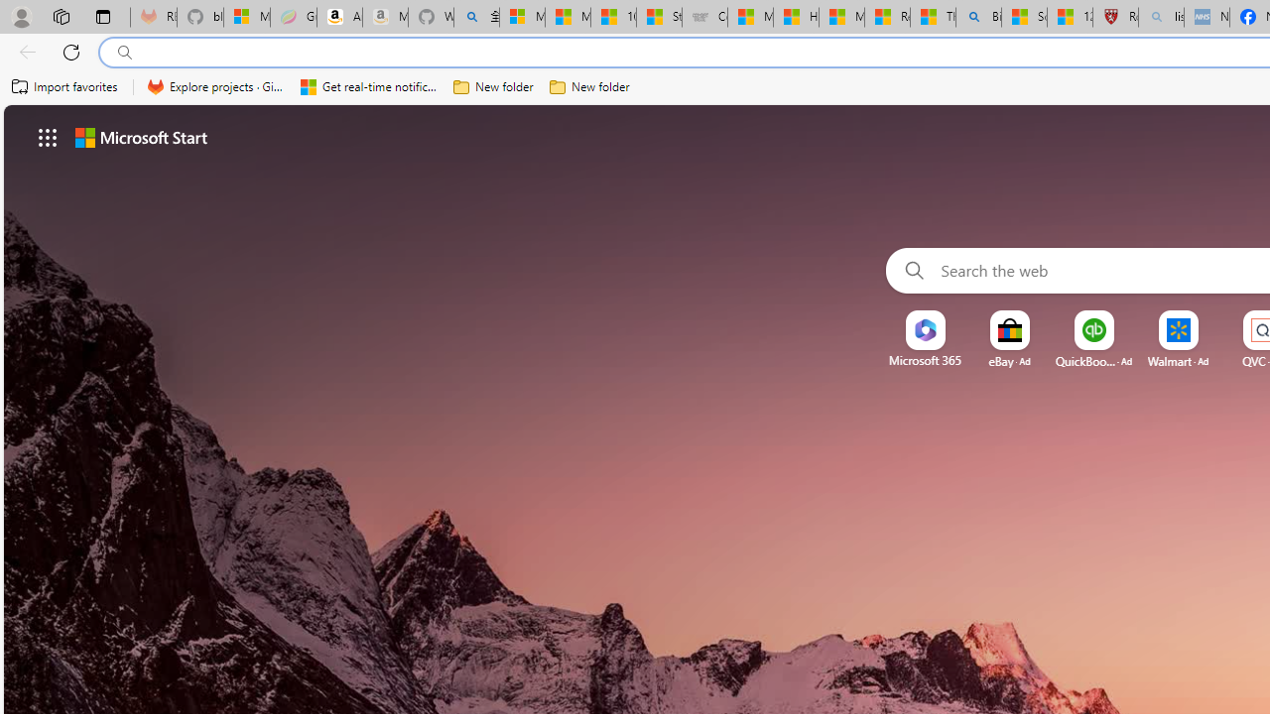 The image size is (1270, 714). I want to click on 'New folder', so click(588, 86).